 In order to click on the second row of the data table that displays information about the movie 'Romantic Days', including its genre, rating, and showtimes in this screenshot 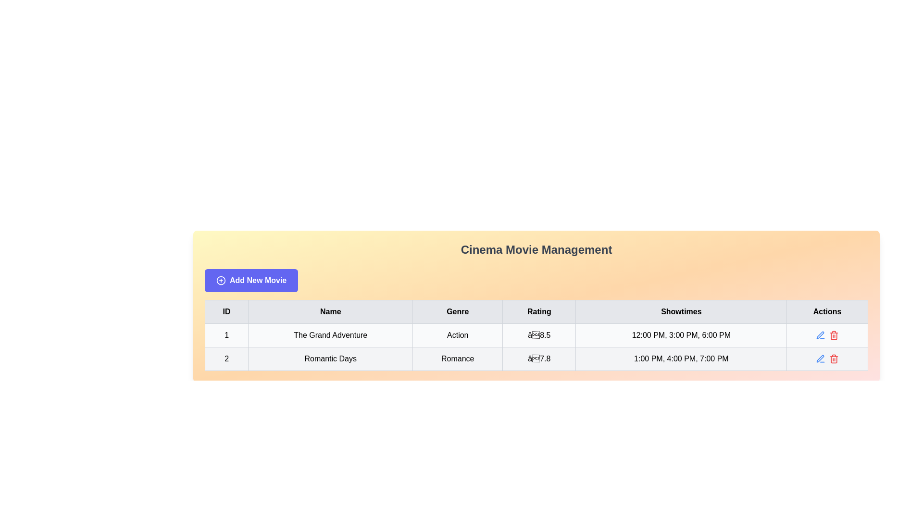, I will do `click(536, 359)`.